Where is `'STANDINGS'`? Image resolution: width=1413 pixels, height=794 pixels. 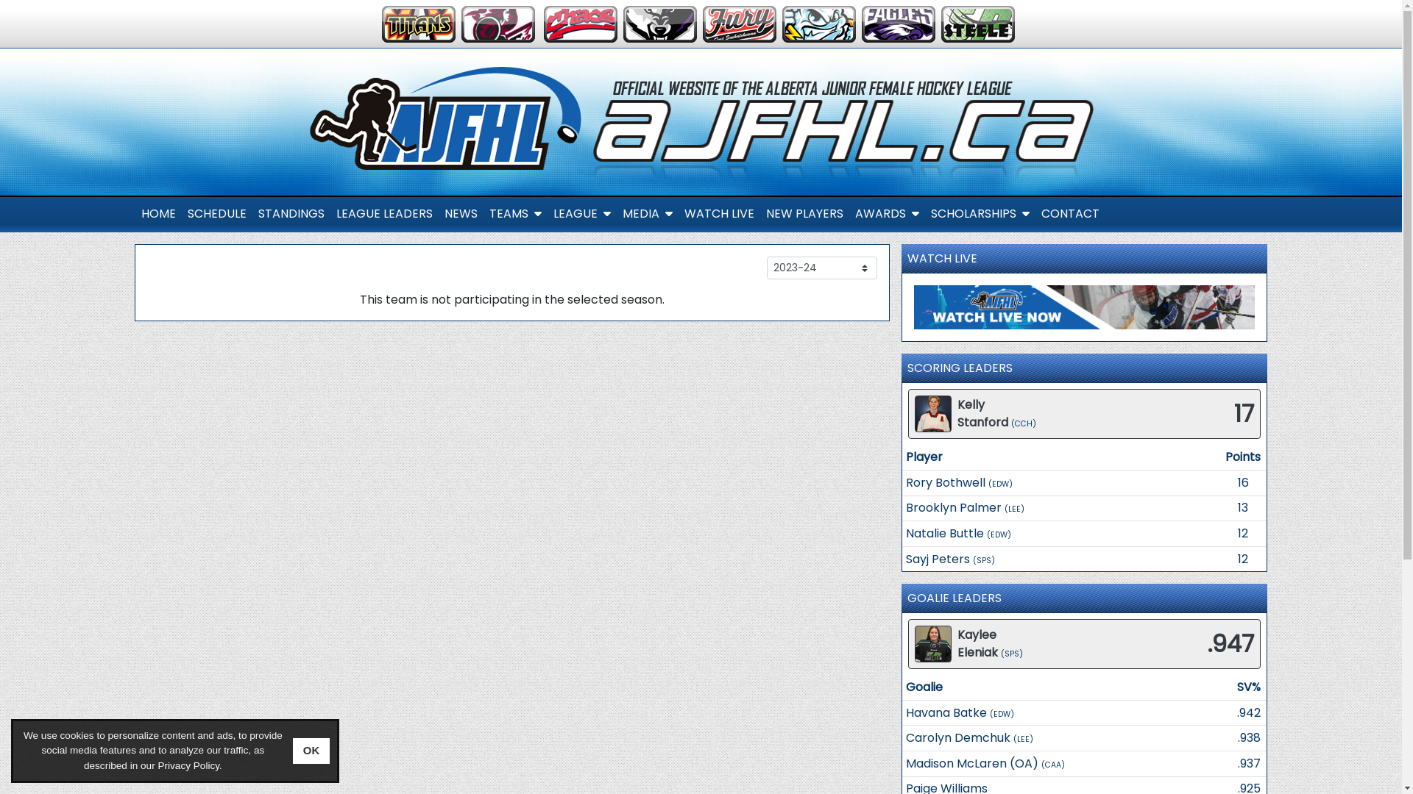 'STANDINGS' is located at coordinates (290, 213).